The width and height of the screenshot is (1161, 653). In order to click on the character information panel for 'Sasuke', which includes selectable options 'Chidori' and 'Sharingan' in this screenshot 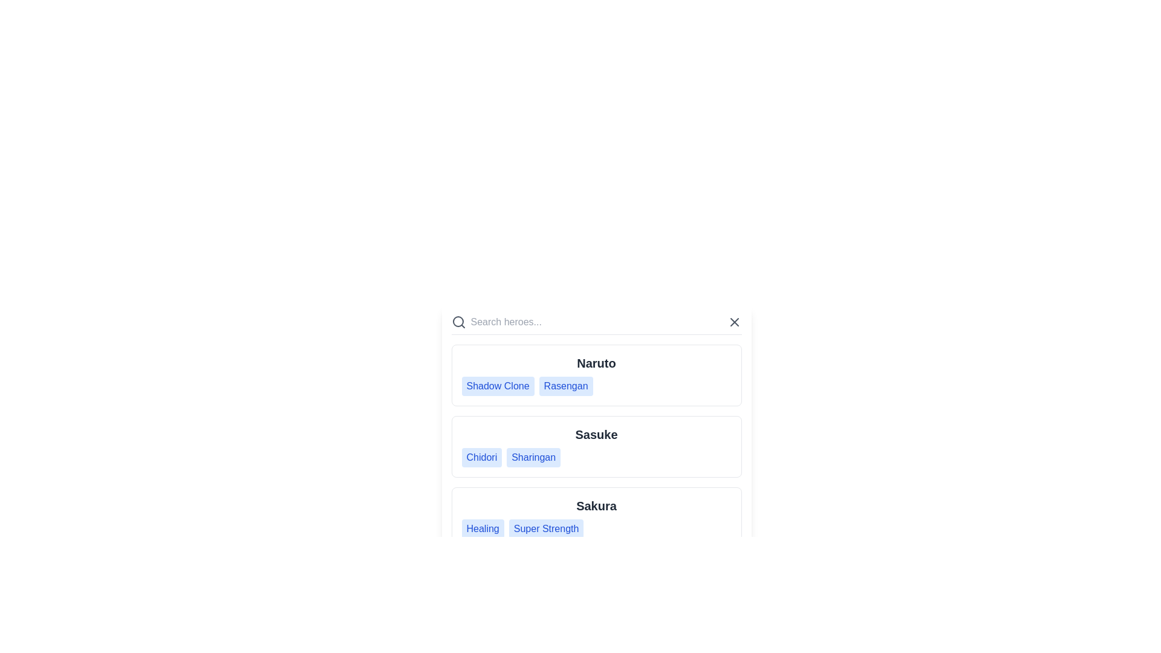, I will do `click(596, 447)`.